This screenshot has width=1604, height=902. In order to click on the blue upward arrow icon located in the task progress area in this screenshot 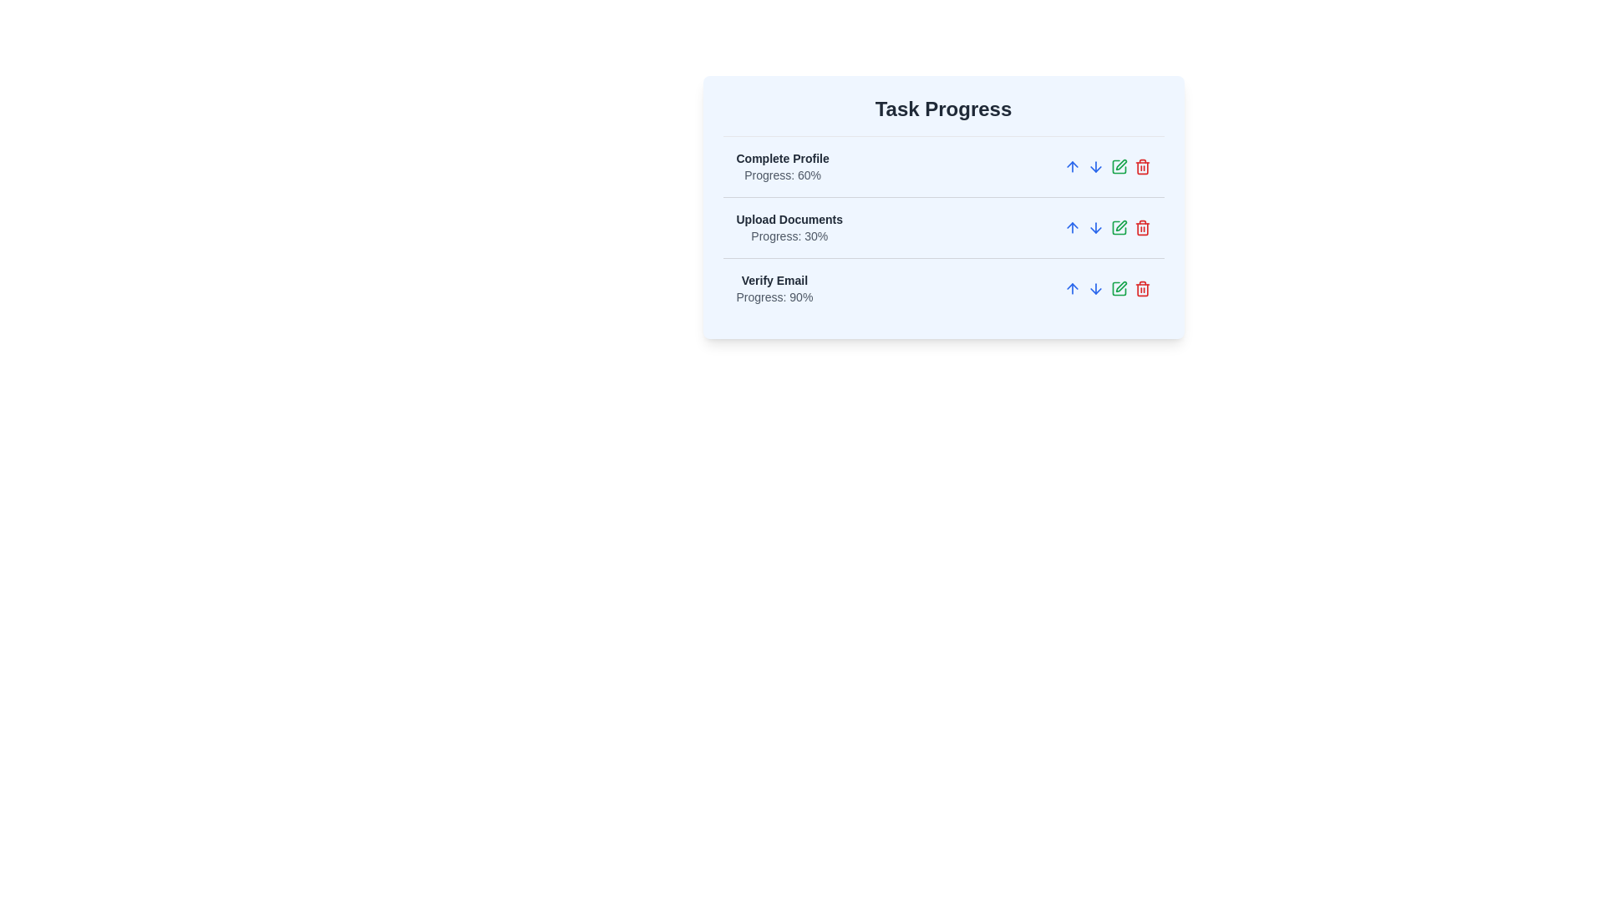, I will do `click(1072, 167)`.